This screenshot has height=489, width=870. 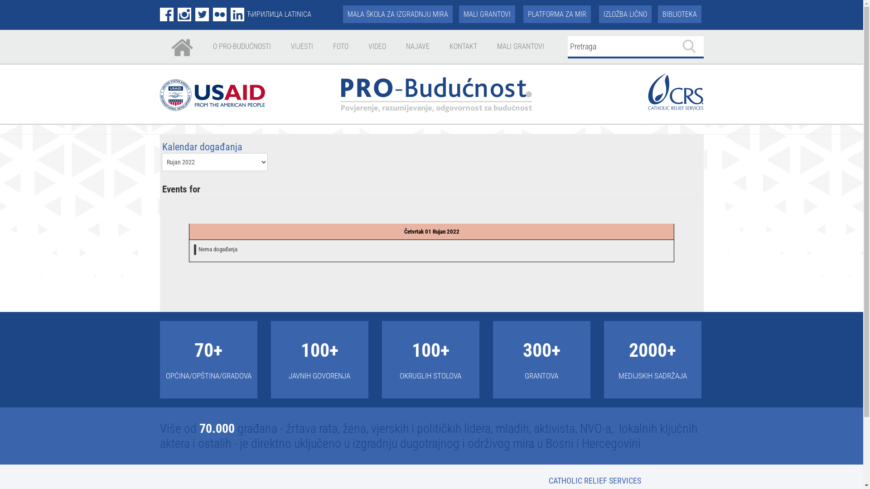 I want to click on 'FOTO', so click(x=340, y=47).